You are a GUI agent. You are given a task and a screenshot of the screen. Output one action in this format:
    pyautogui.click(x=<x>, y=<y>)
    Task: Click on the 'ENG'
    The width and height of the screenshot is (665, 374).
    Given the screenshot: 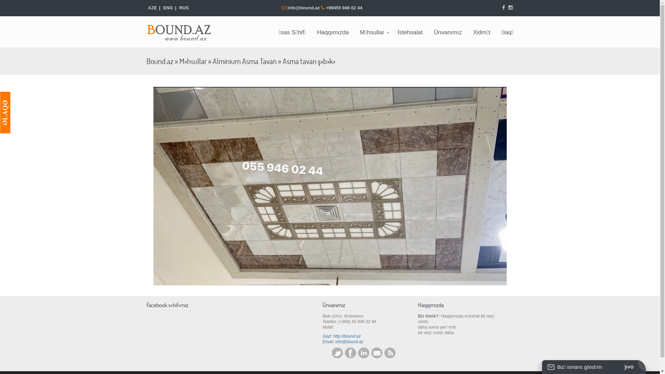 What is the action you would take?
    pyautogui.click(x=168, y=8)
    